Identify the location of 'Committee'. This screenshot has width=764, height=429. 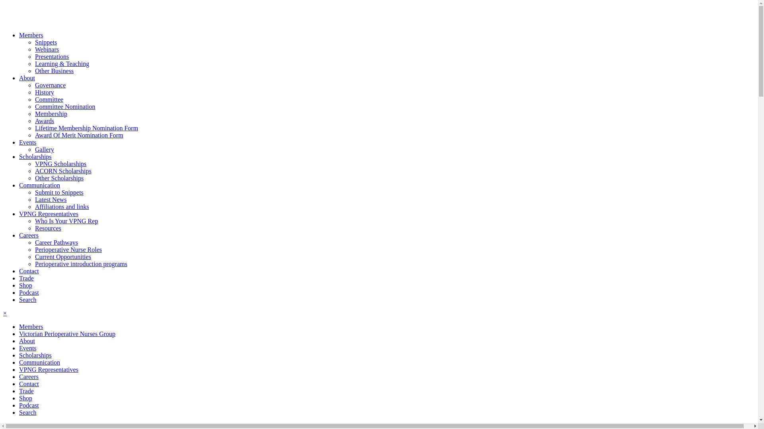
(49, 99).